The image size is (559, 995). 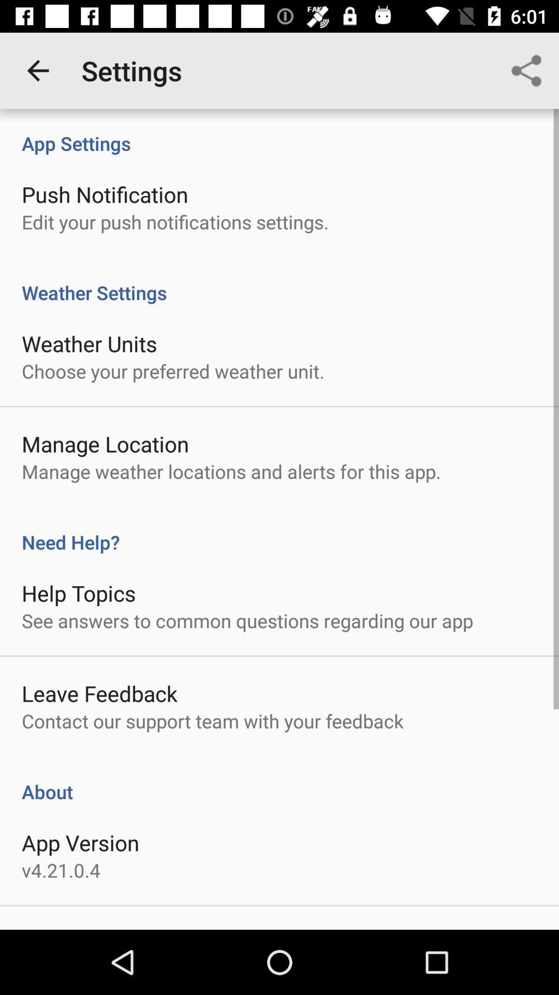 What do you see at coordinates (37, 70) in the screenshot?
I see `icon next to the settings` at bounding box center [37, 70].